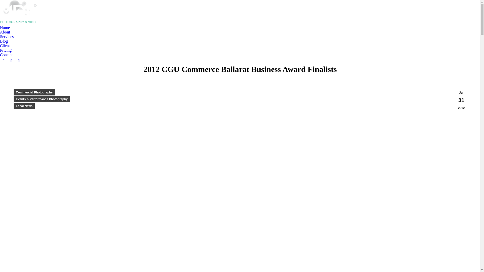  I want to click on 'Blog', so click(4, 41).